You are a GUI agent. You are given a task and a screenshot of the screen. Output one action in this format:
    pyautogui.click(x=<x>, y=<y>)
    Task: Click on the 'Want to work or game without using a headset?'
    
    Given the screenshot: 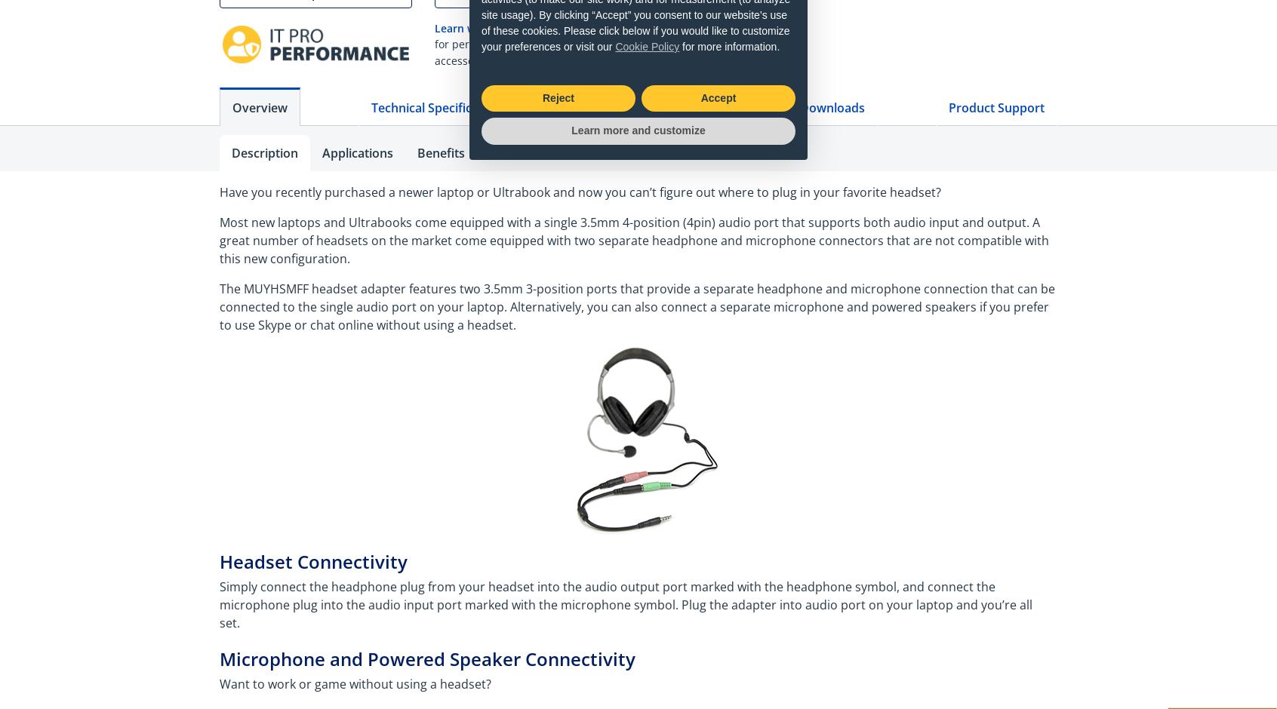 What is the action you would take?
    pyautogui.click(x=219, y=682)
    